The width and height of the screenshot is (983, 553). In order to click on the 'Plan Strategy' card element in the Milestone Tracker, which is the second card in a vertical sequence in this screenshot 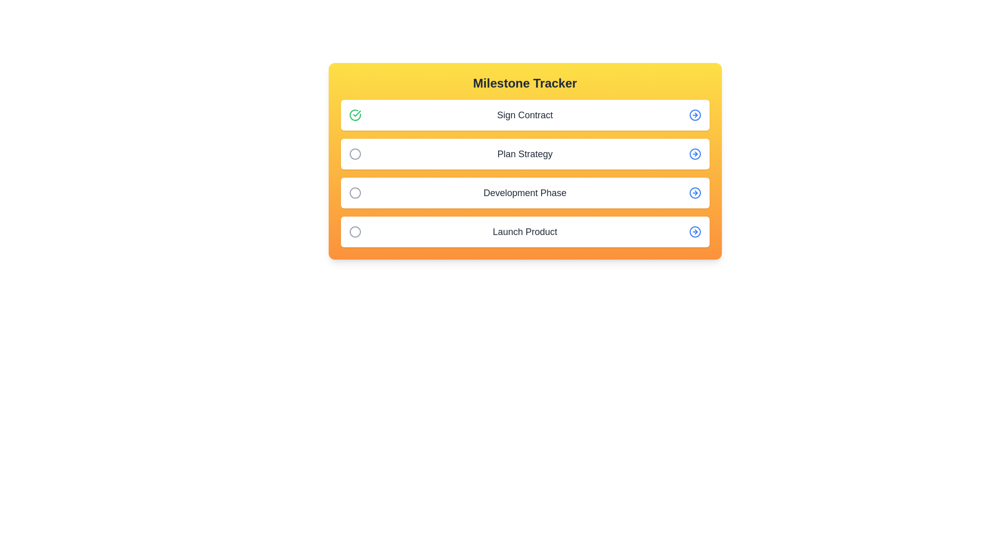, I will do `click(525, 154)`.